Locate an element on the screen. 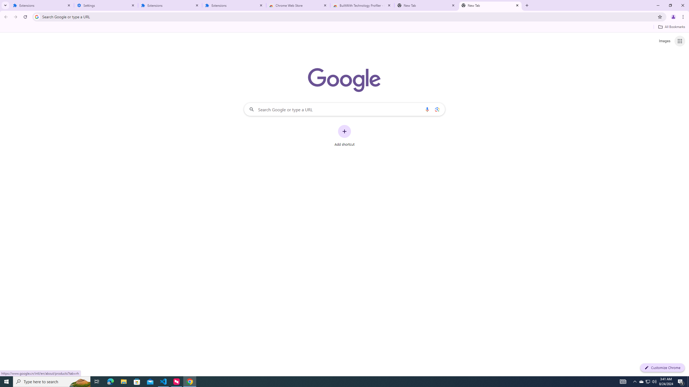 This screenshot has width=689, height=387. 'Search by voice' is located at coordinates (427, 109).